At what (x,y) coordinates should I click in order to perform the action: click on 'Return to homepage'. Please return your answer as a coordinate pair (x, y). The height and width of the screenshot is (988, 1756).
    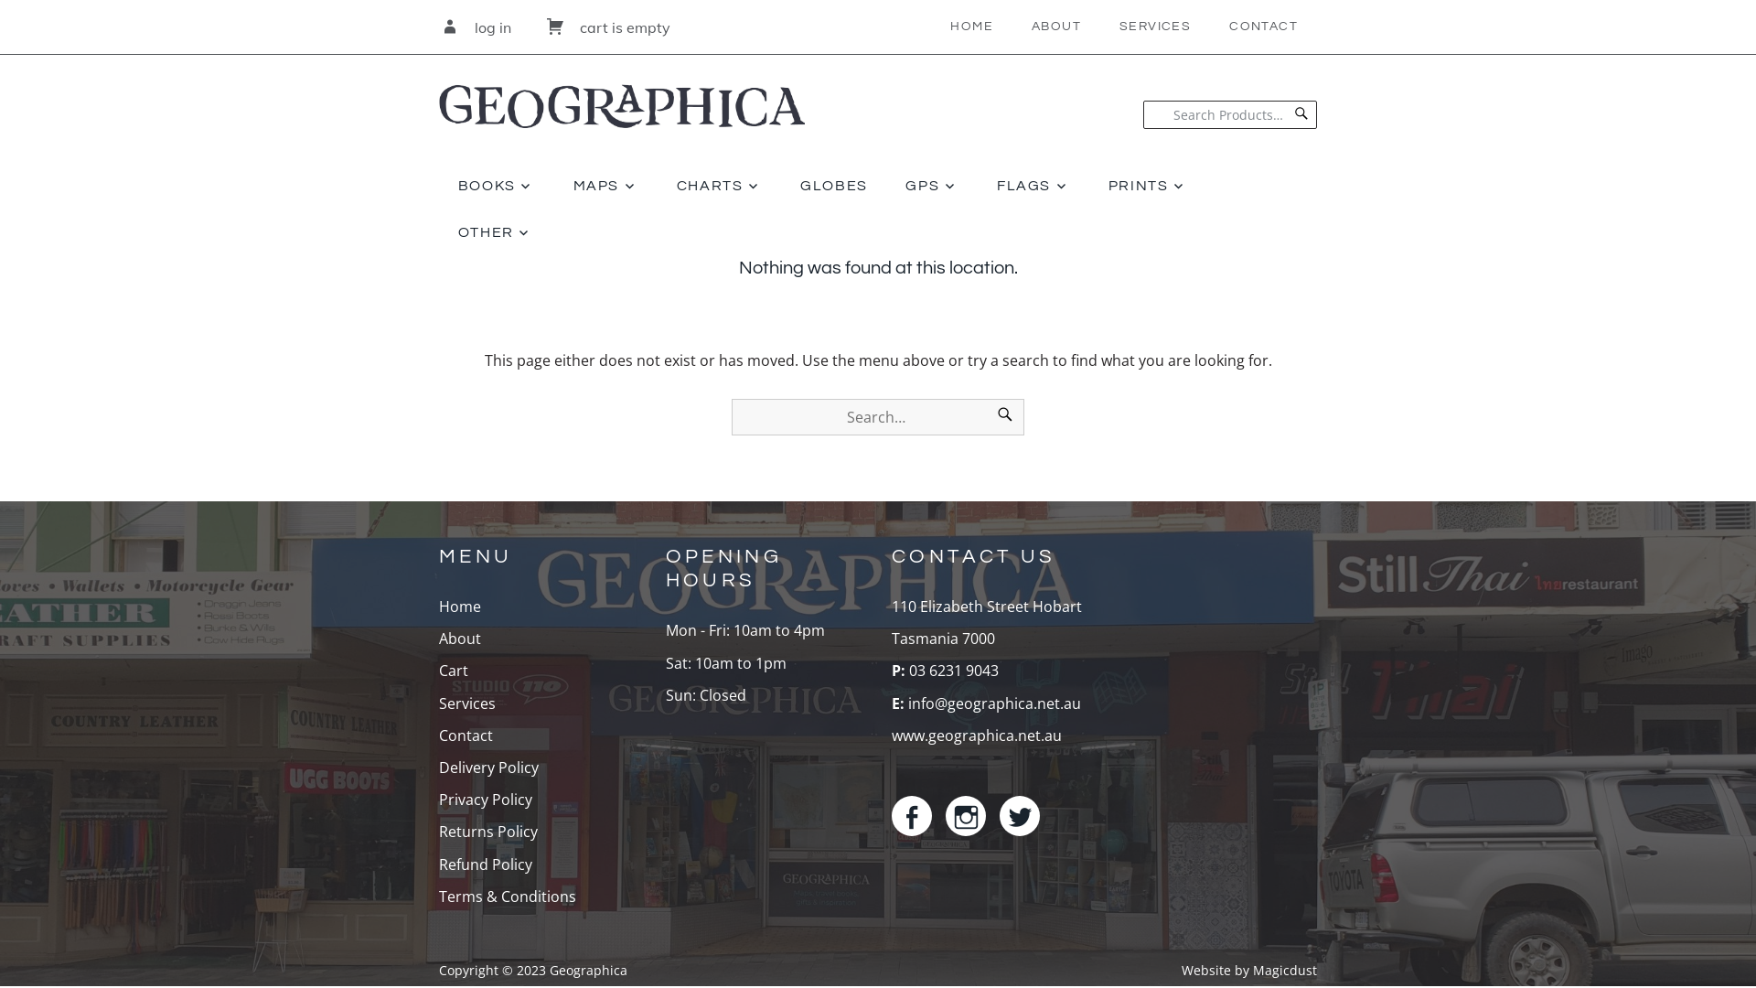
    Looking at the image, I should click on (622, 91).